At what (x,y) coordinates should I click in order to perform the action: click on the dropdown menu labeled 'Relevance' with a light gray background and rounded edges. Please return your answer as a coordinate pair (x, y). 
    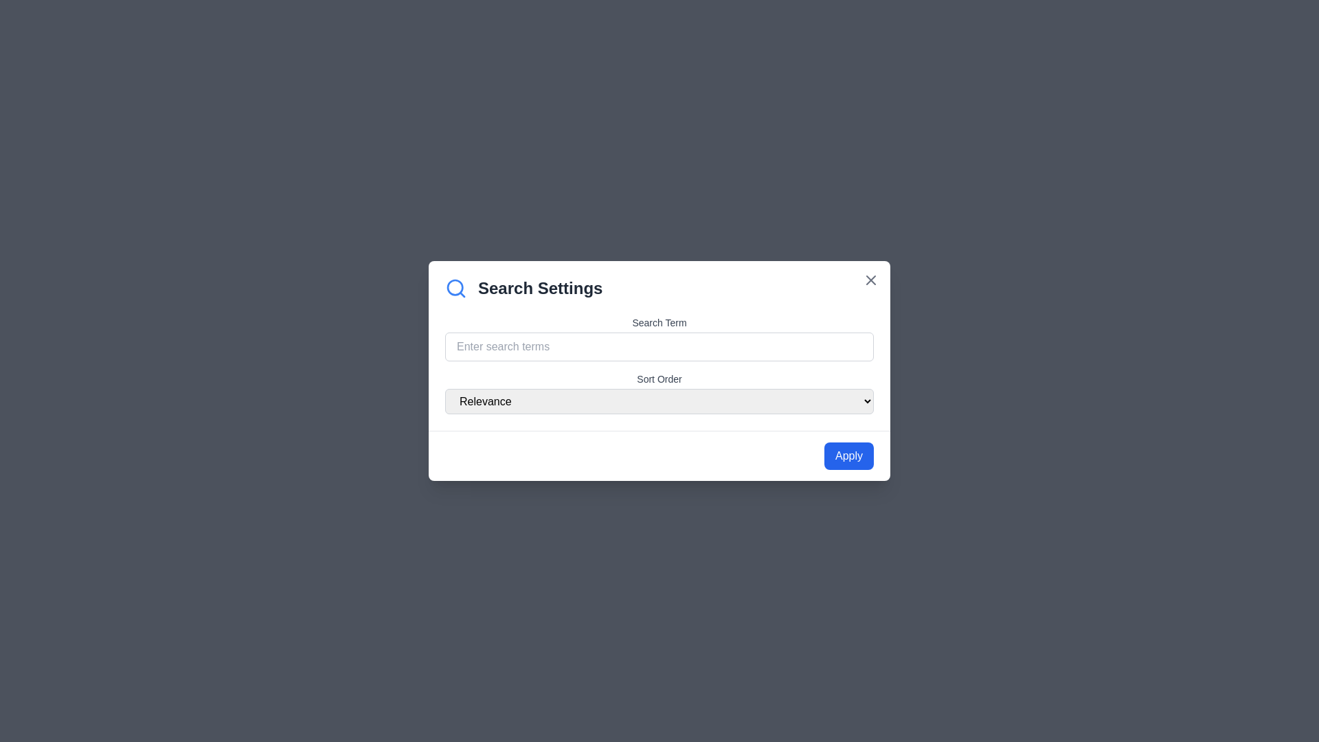
    Looking at the image, I should click on (659, 401).